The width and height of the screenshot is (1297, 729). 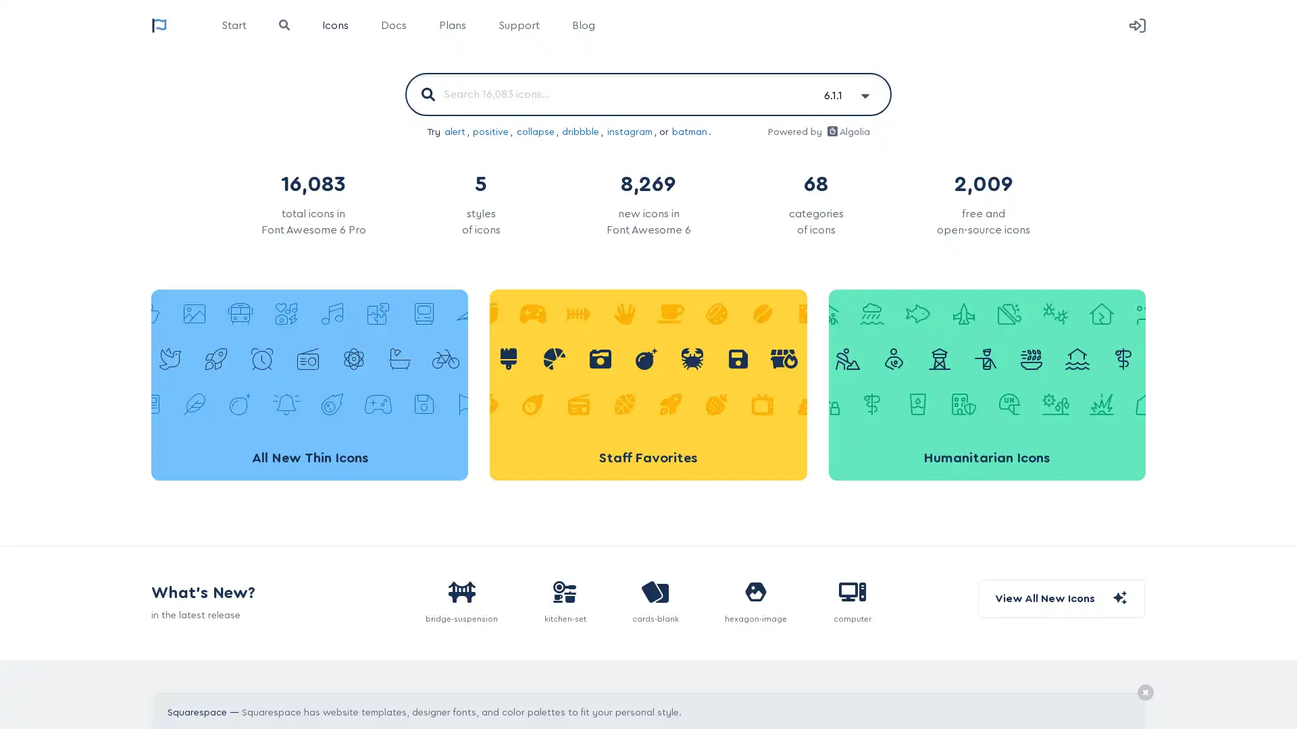 I want to click on Remove Ad, so click(x=1144, y=693).